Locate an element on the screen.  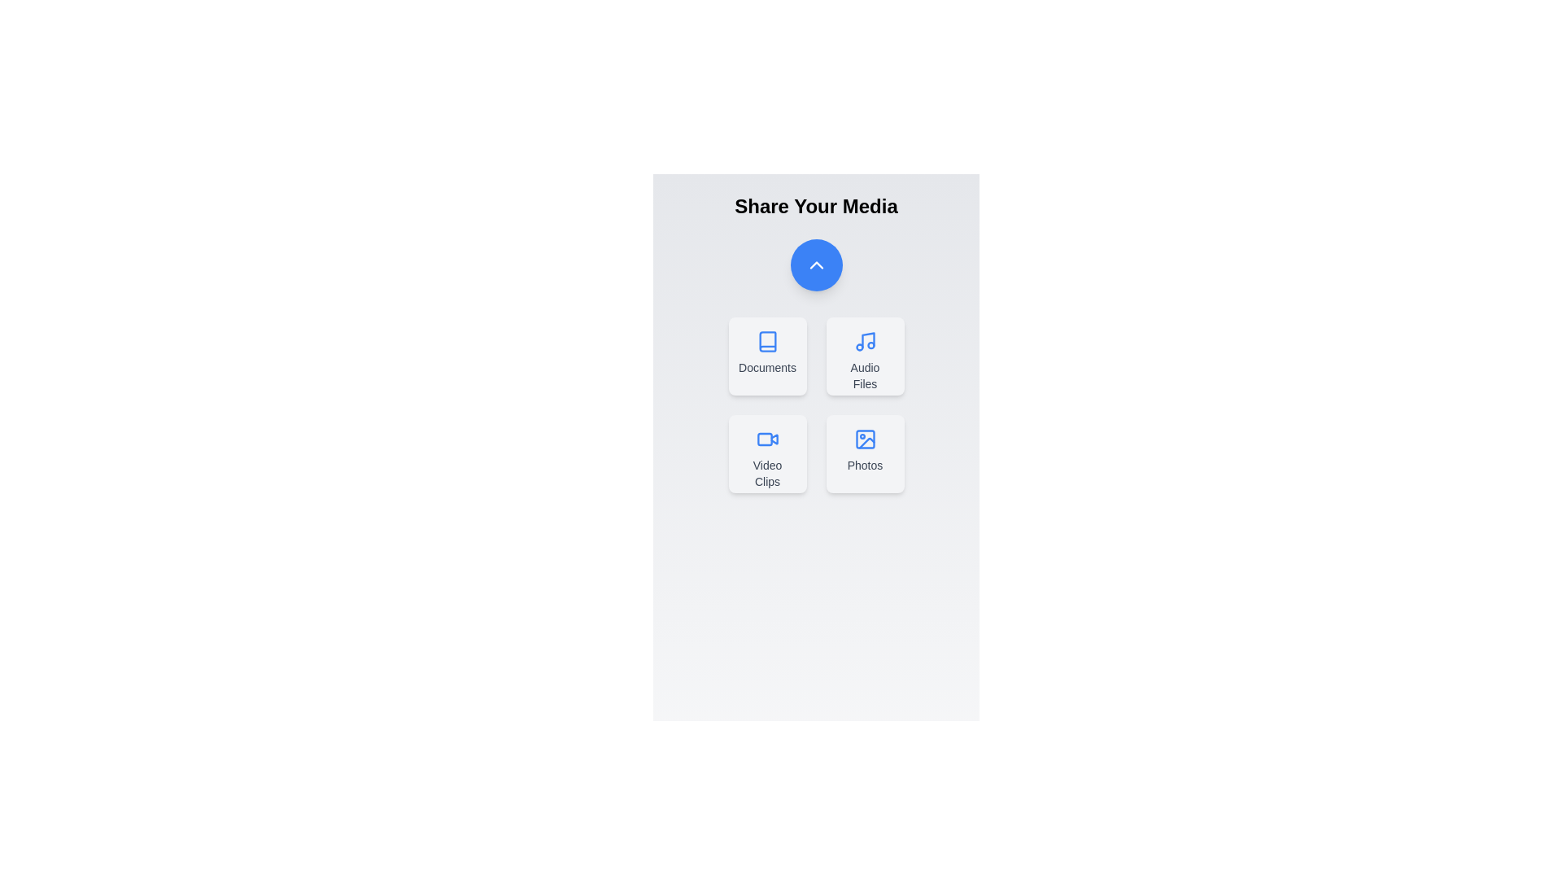
the text label for Audio Files is located at coordinates (864, 376).